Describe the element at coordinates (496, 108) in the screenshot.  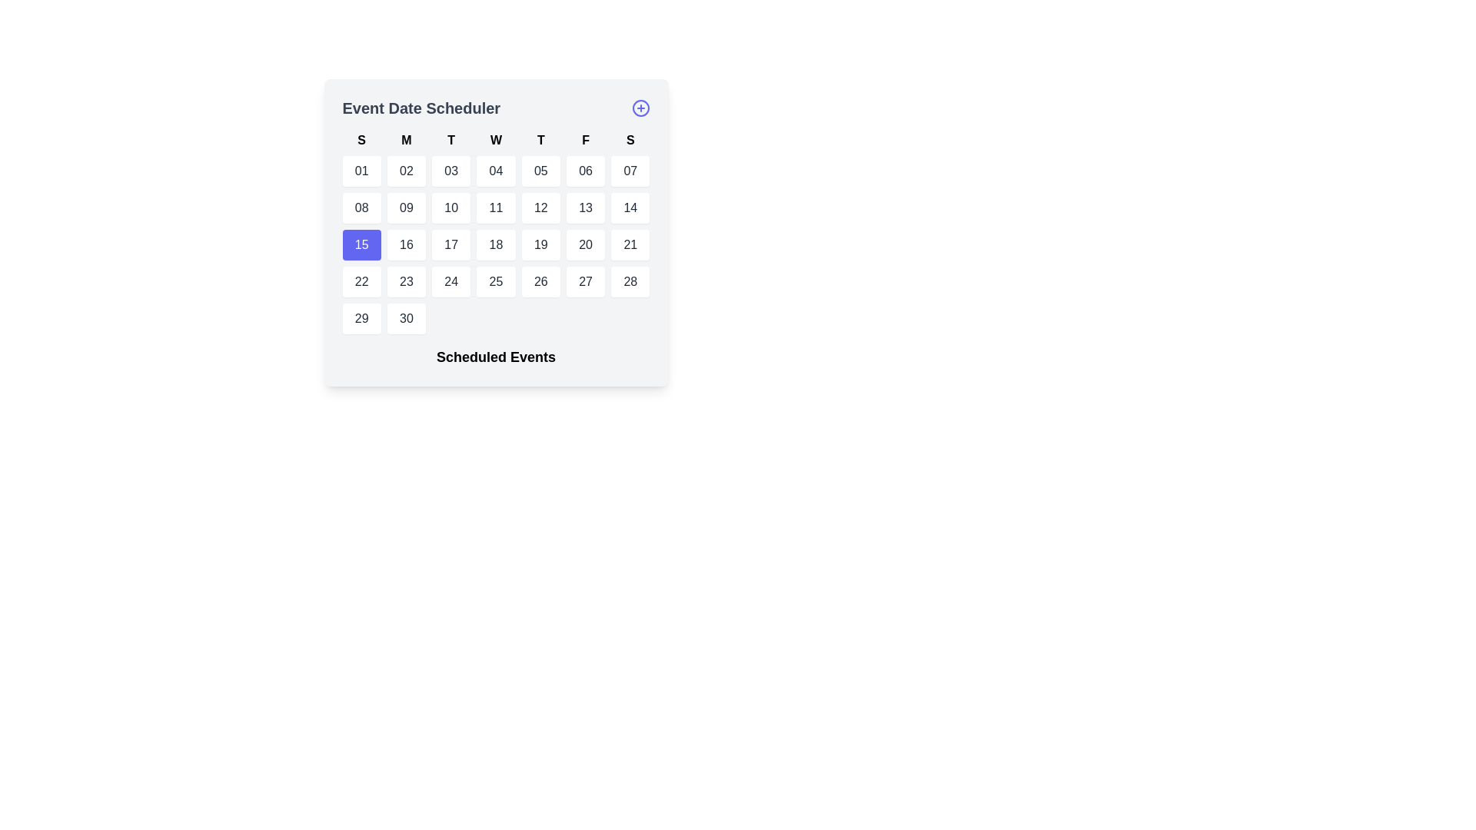
I see `the Header with actionable icon, which serves as the title and action header of the calendar module` at that location.